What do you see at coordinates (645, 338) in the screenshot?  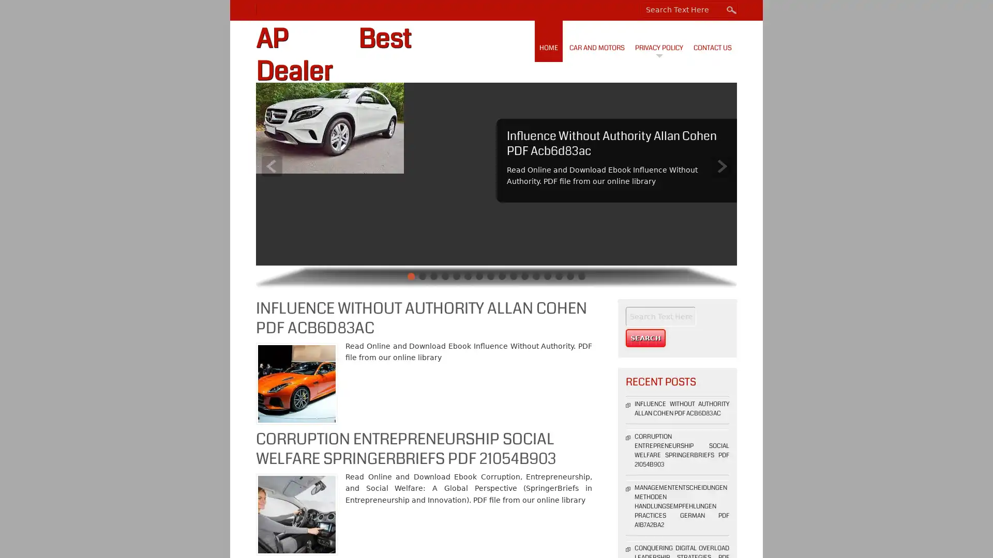 I see `Search` at bounding box center [645, 338].